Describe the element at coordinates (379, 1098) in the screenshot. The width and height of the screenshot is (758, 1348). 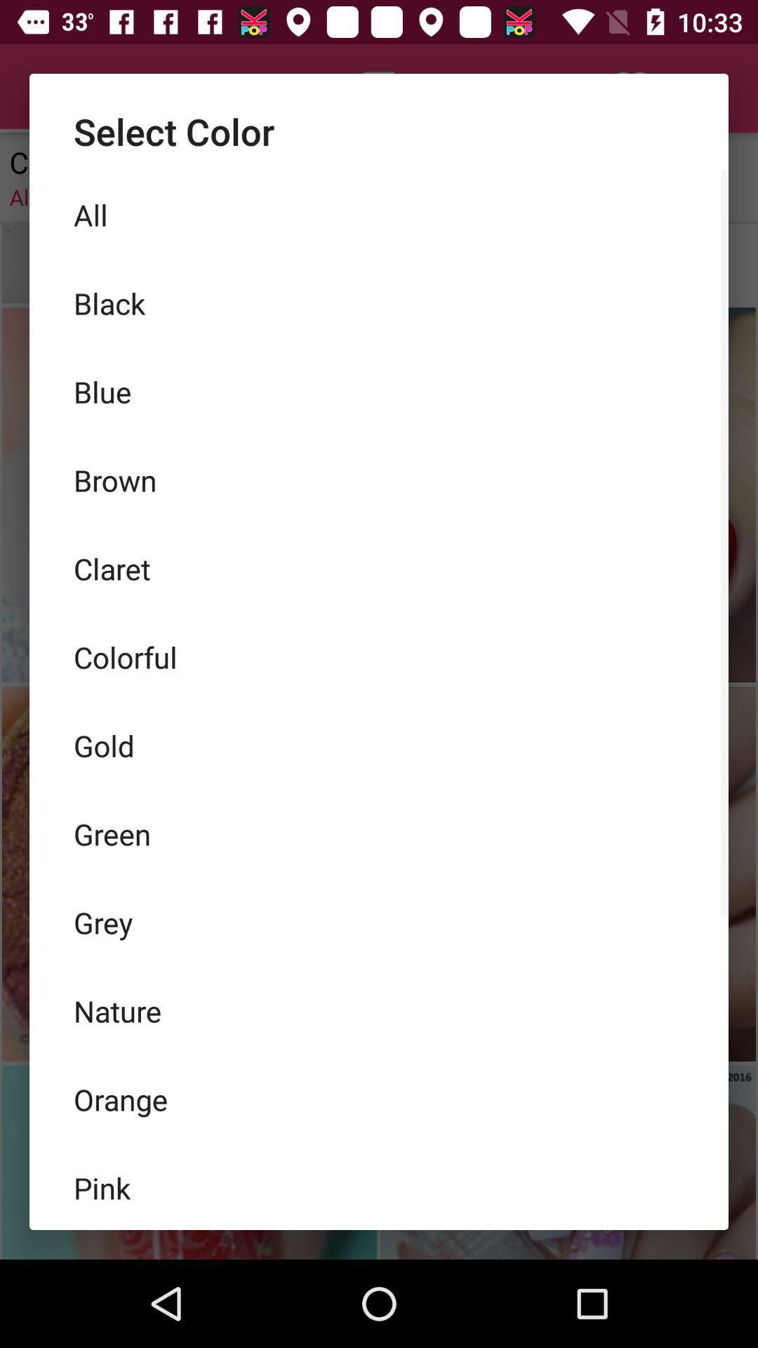
I see `the orange icon` at that location.